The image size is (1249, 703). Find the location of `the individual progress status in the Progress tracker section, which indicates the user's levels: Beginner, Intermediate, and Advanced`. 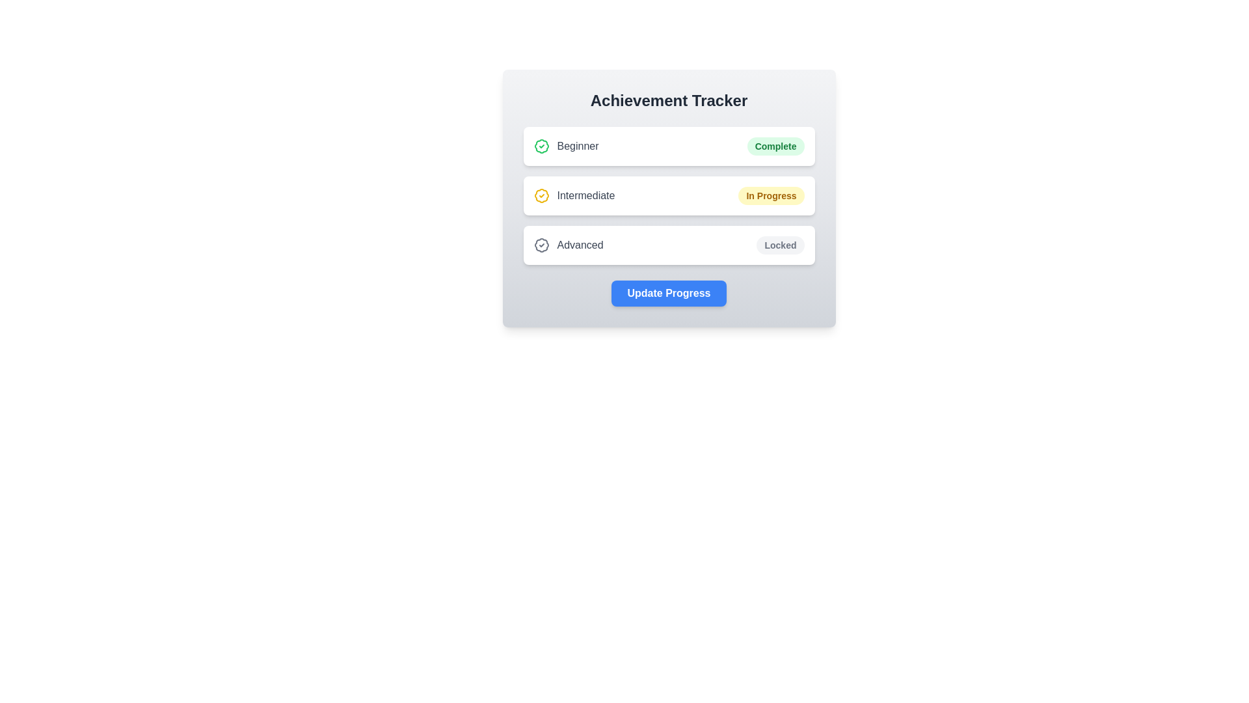

the individual progress status in the Progress tracker section, which indicates the user's levels: Beginner, Intermediate, and Advanced is located at coordinates (669, 195).